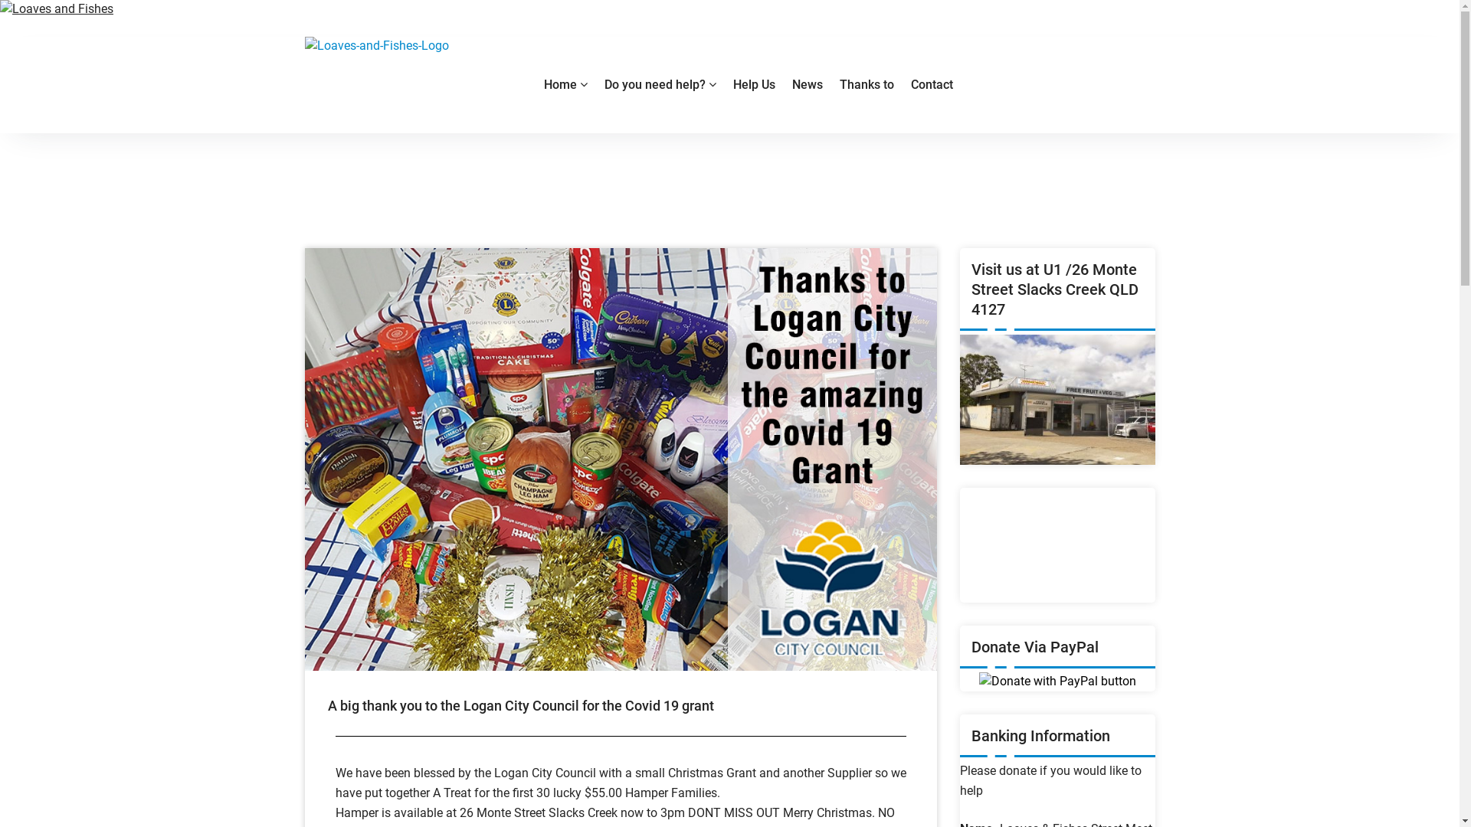 The height and width of the screenshot is (827, 1471). Describe the element at coordinates (931, 85) in the screenshot. I see `'Contact'` at that location.